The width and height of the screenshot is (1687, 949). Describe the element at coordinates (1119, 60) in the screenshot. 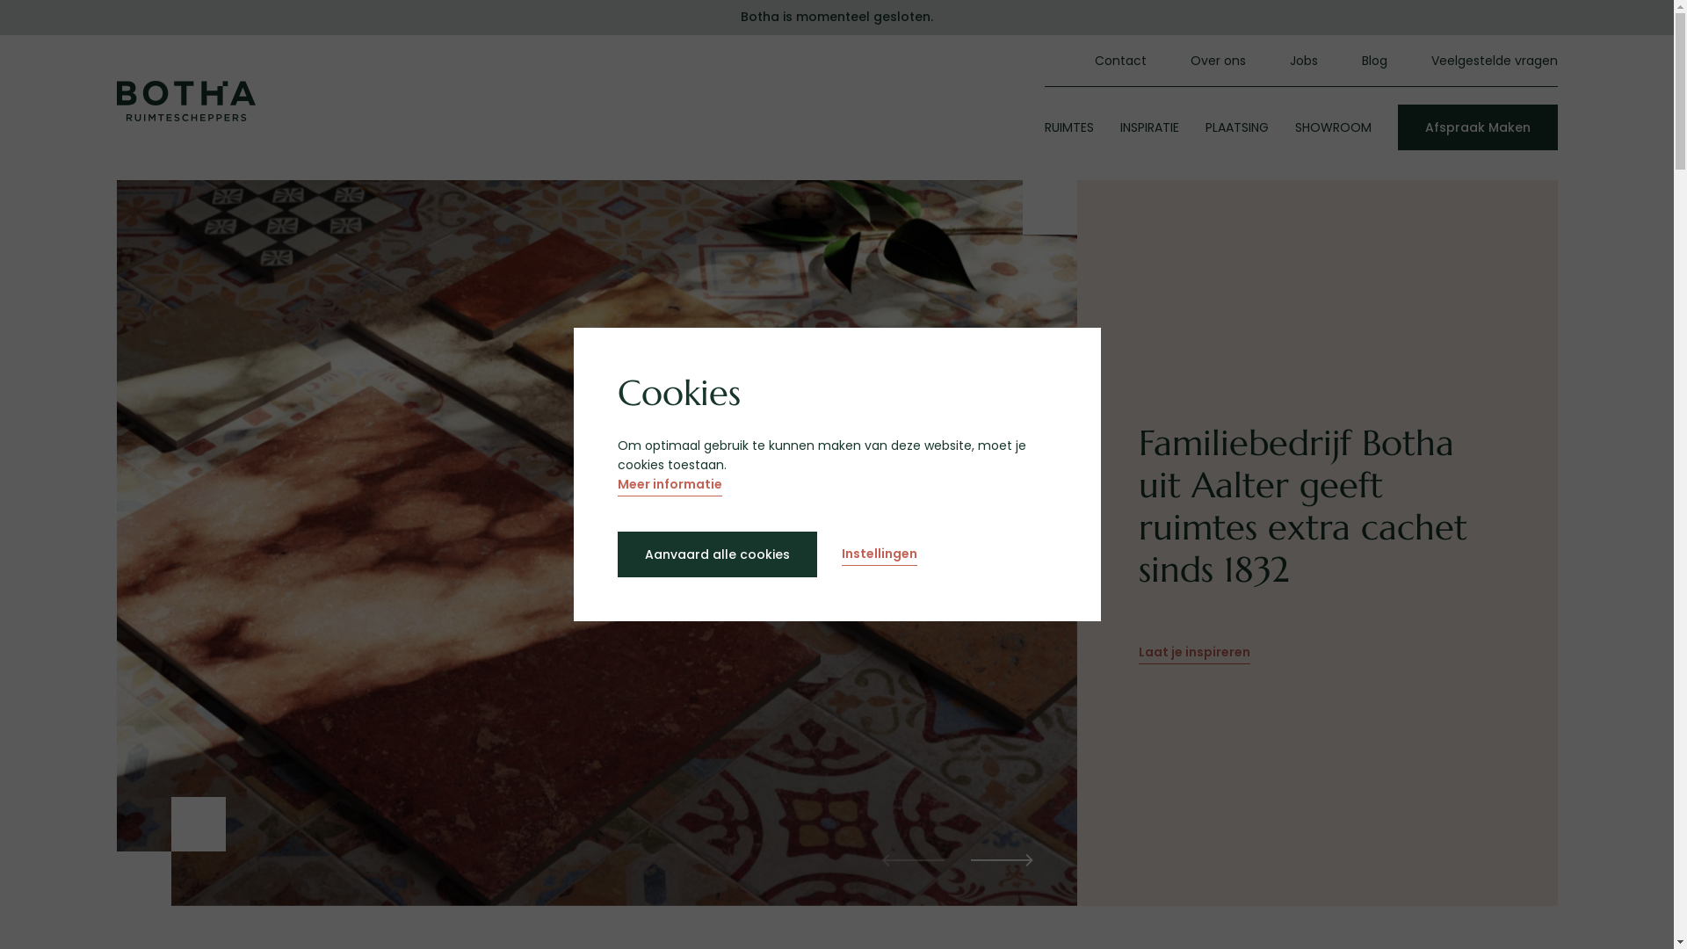

I see `'Contact'` at that location.